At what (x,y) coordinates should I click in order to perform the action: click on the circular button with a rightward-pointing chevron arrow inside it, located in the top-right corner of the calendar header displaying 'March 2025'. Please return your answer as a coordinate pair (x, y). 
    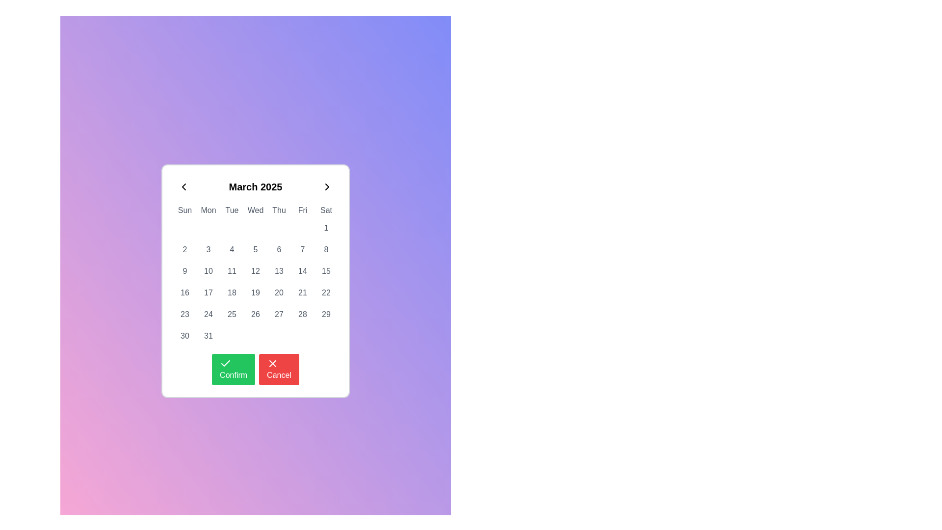
    Looking at the image, I should click on (327, 187).